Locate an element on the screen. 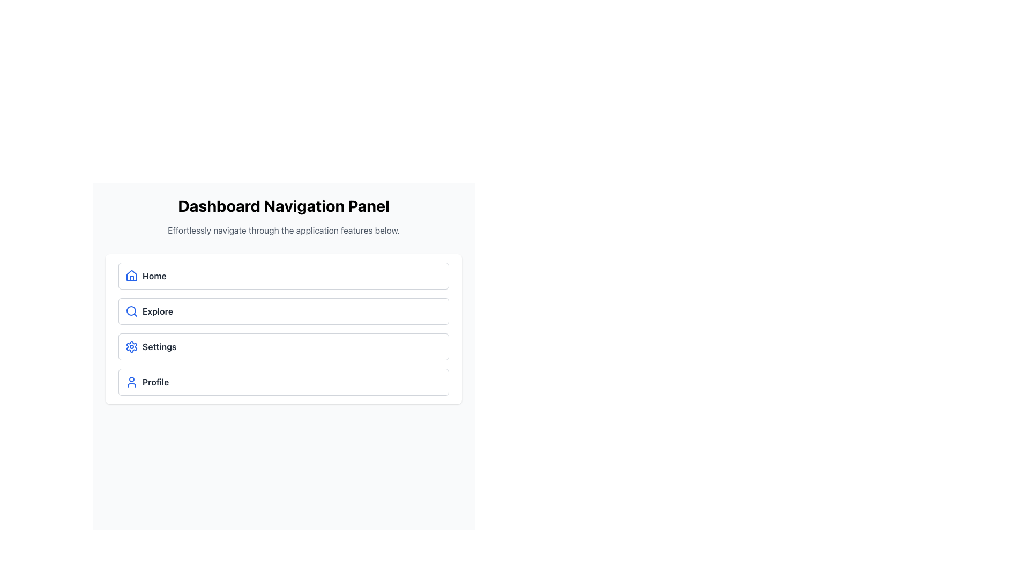 The height and width of the screenshot is (579, 1029). the 'Profile' button, which is the fourth button in the vertical navigation list, serving as a visual indicator for user profile management is located at coordinates (131, 382).